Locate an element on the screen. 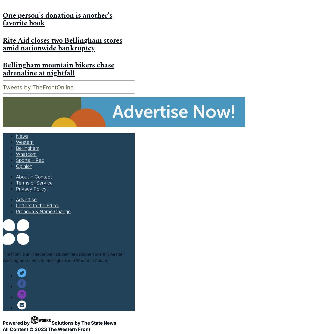 The image size is (326, 334). 'Privacy Policy' is located at coordinates (16, 188).